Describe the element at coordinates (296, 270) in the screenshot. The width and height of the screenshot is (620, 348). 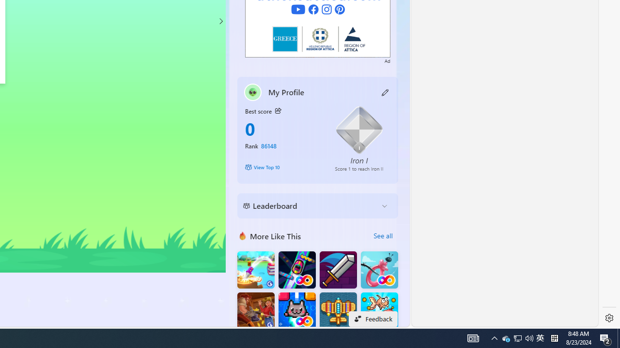
I see `'Bumper Car FRVR'` at that location.